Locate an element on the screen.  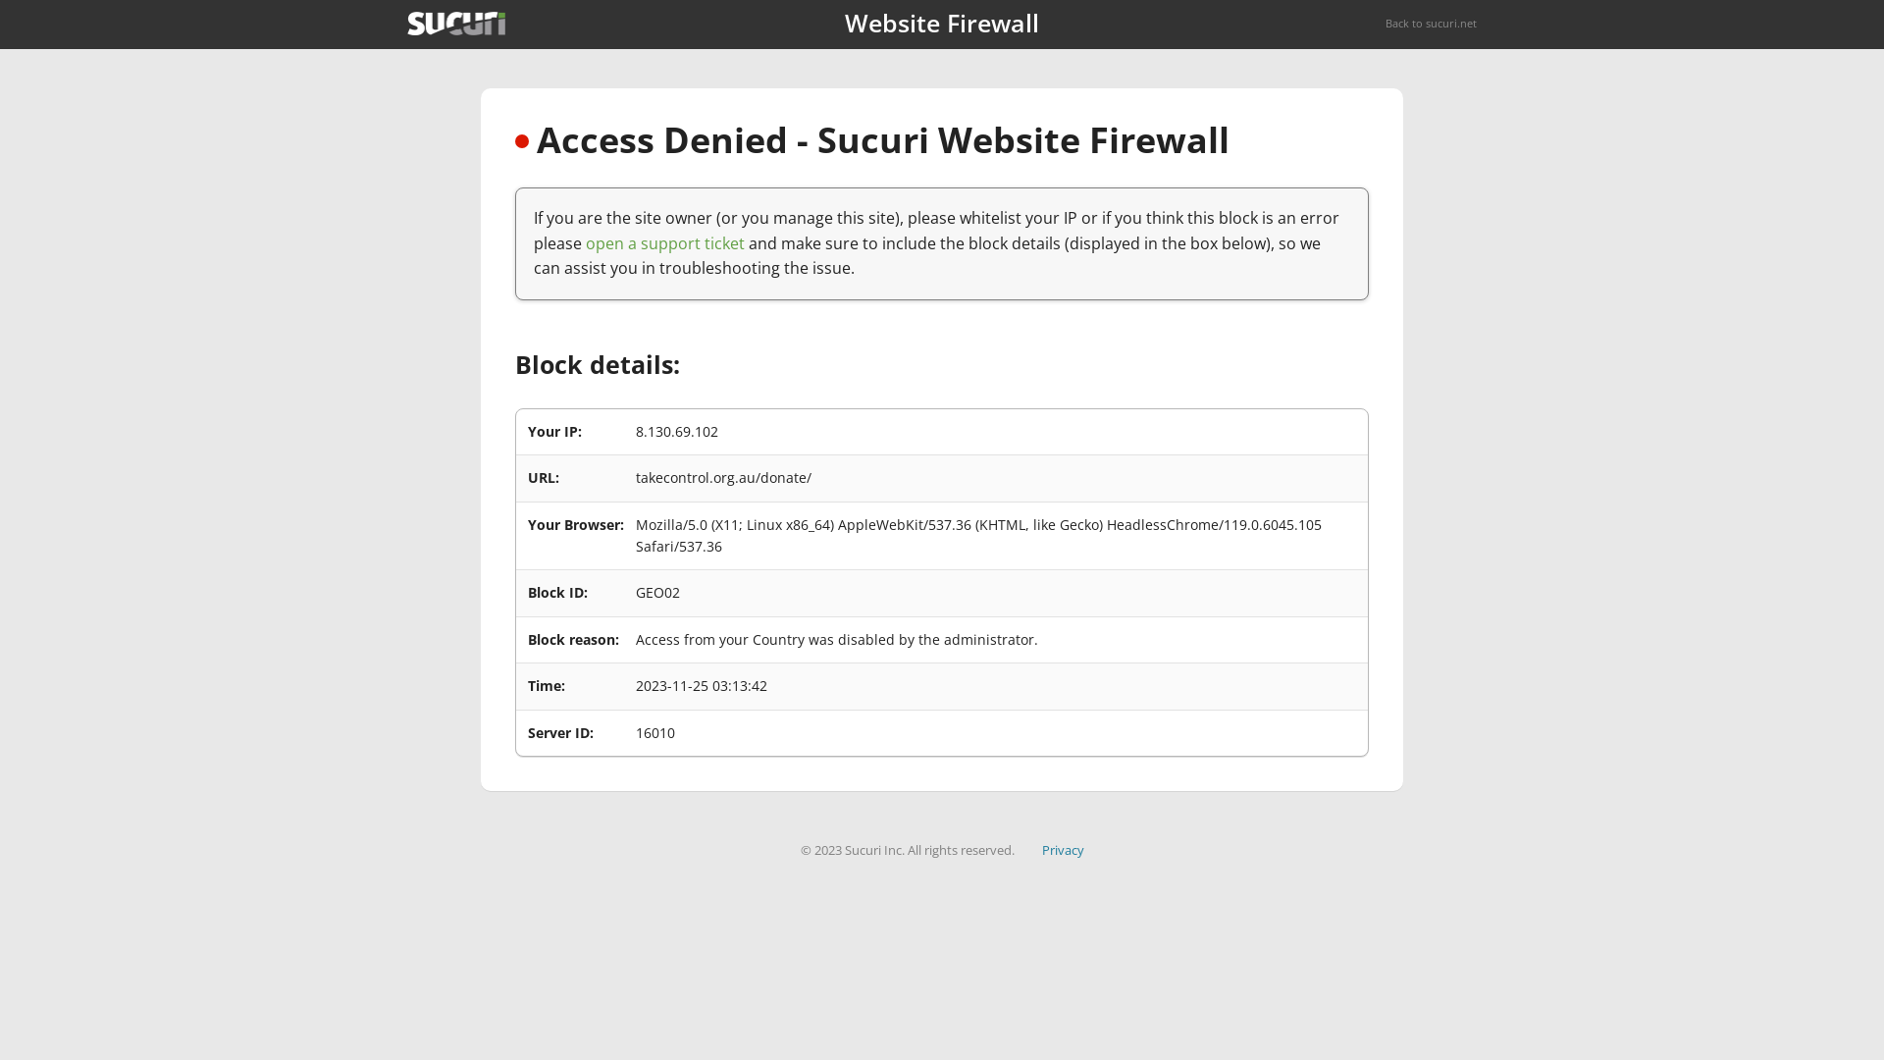
'Privacy' is located at coordinates (1062, 849).